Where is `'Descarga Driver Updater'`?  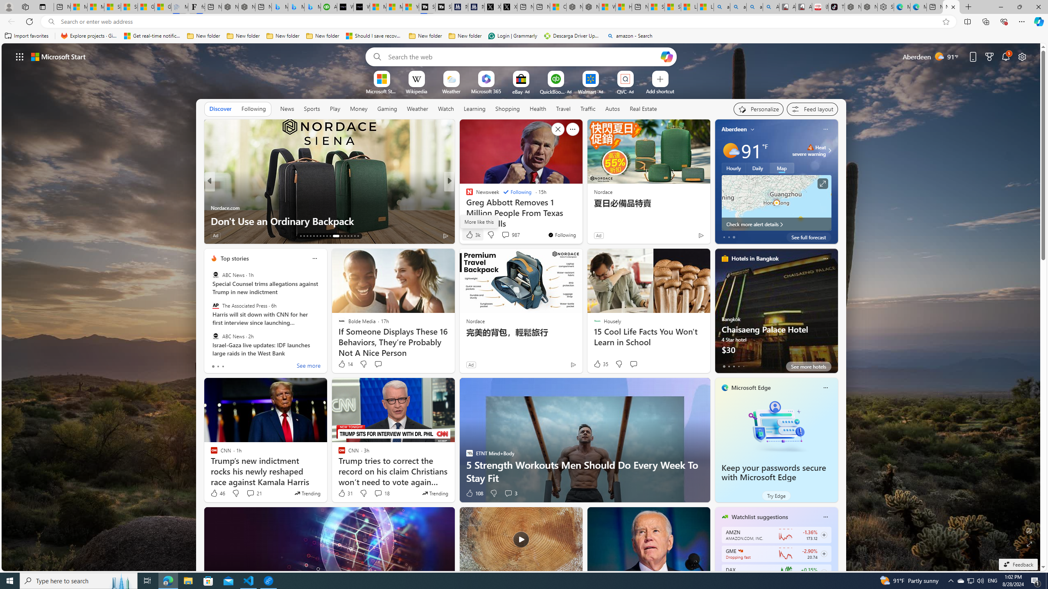 'Descarga Driver Updater' is located at coordinates (572, 36).